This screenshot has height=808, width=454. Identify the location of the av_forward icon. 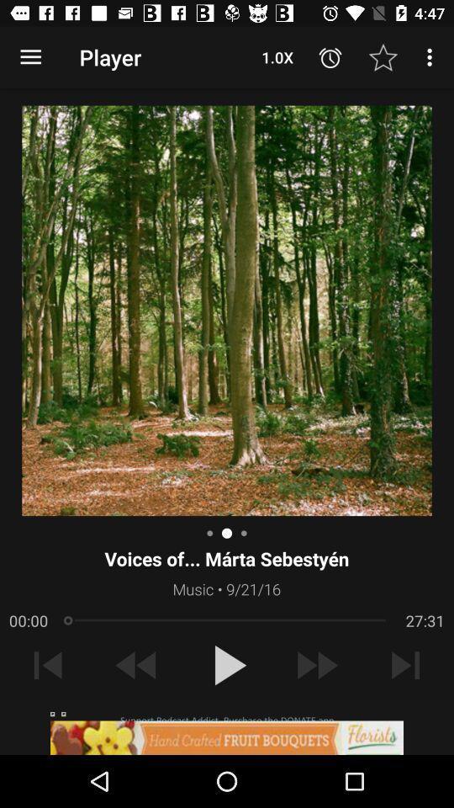
(316, 665).